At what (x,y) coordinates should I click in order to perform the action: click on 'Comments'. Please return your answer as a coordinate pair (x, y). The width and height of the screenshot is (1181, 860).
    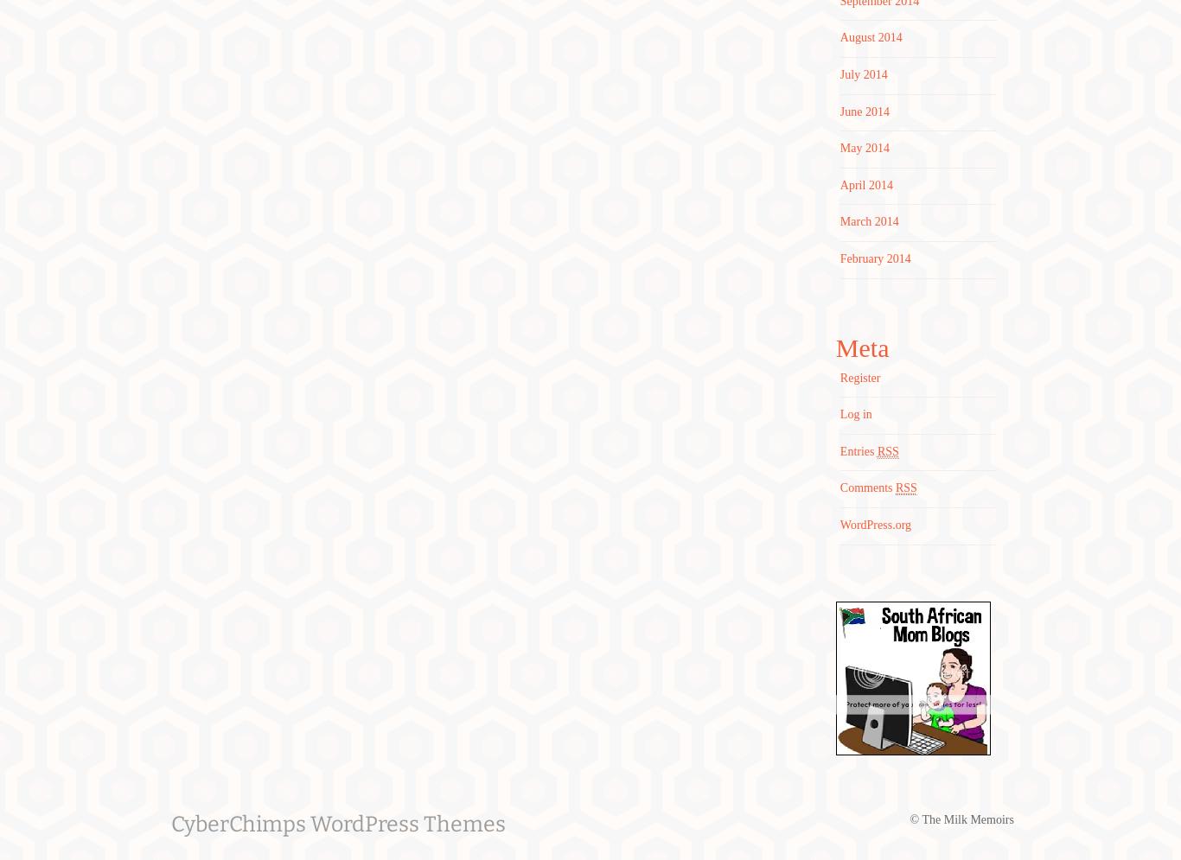
    Looking at the image, I should click on (867, 487).